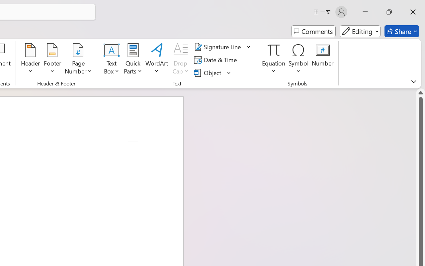 The image size is (425, 266). What do you see at coordinates (30, 60) in the screenshot?
I see `'Header'` at bounding box center [30, 60].